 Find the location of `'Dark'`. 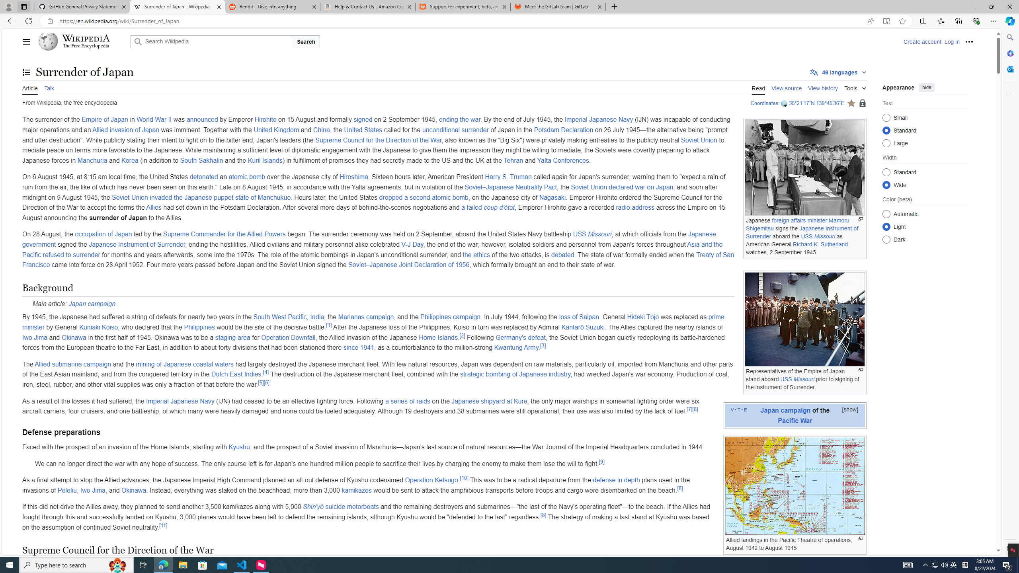

'Dark' is located at coordinates (886, 239).